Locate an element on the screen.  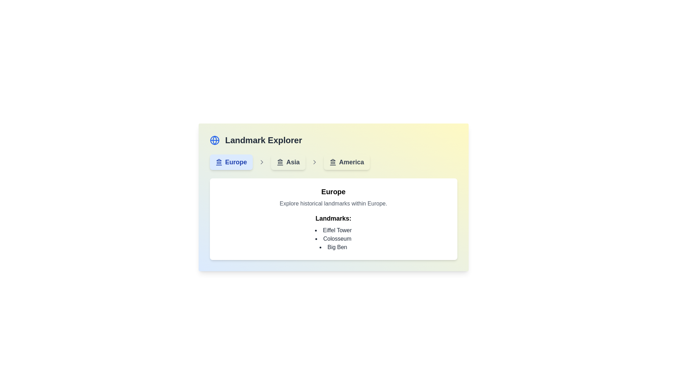
the Chevron navigation icon, which is positioned between the 'Europe' and 'Asia' buttons, indicating navigation or progression is located at coordinates (314, 162).